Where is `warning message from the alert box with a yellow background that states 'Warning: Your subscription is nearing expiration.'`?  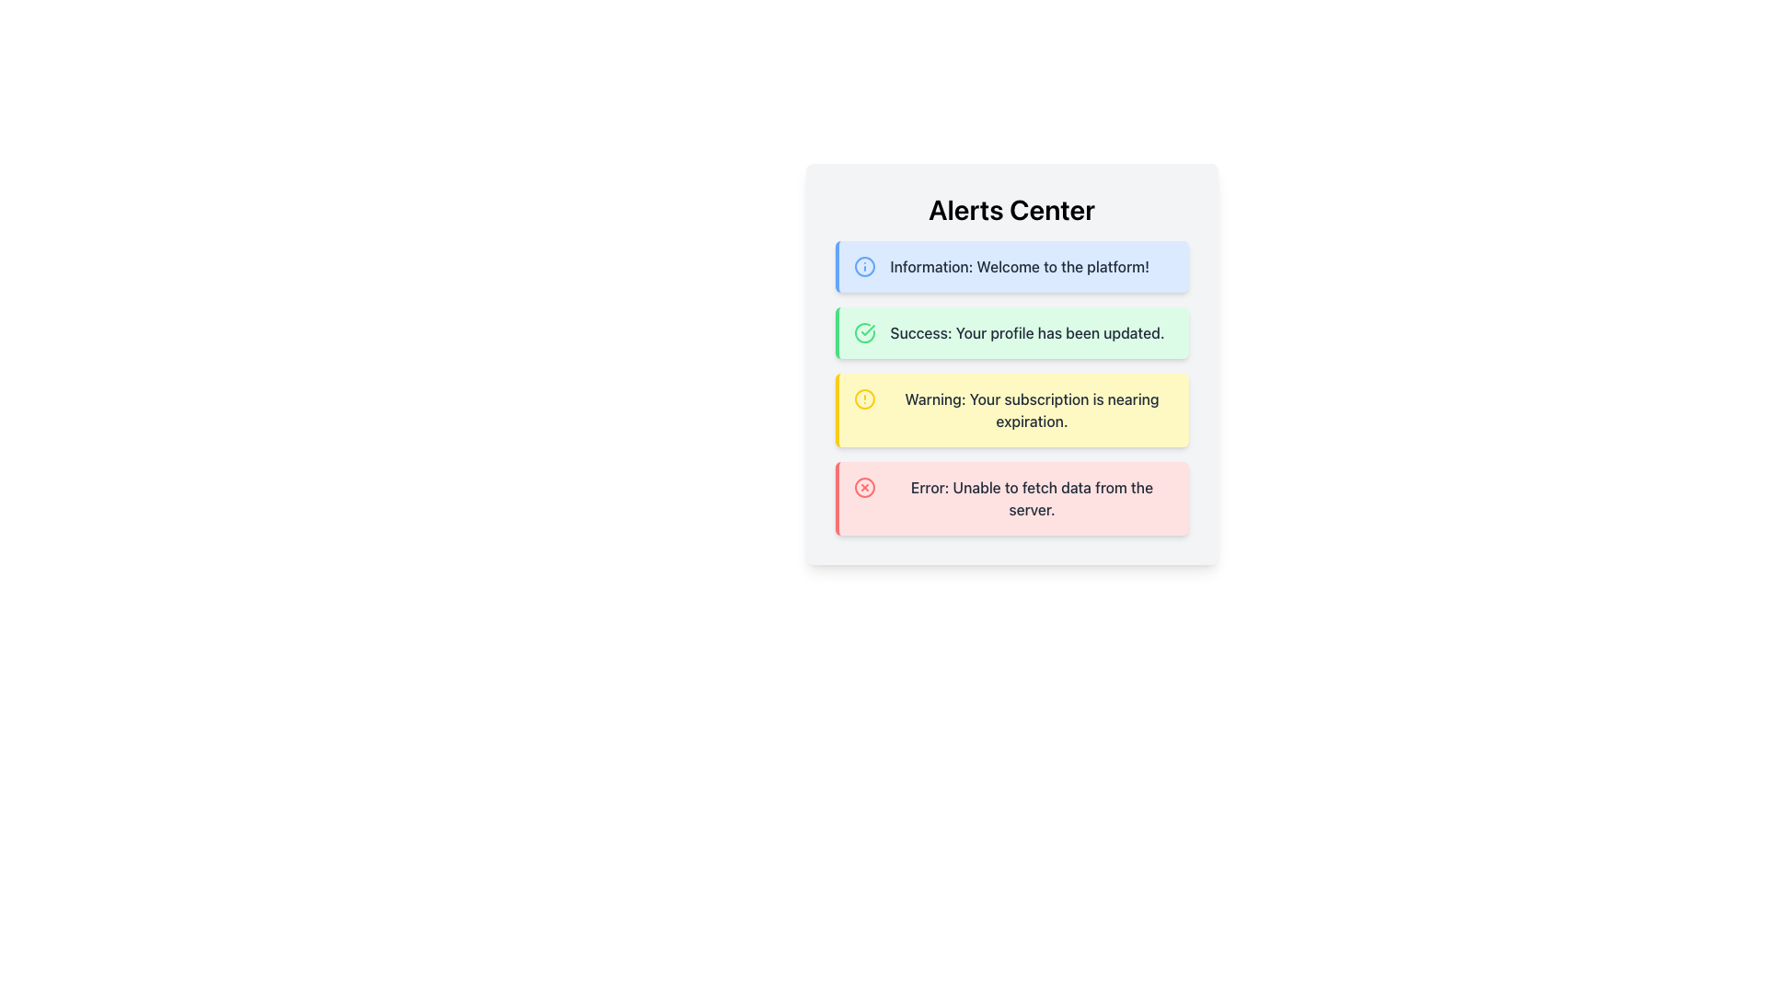 warning message from the alert box with a yellow background that states 'Warning: Your subscription is nearing expiration.' is located at coordinates (1011, 410).